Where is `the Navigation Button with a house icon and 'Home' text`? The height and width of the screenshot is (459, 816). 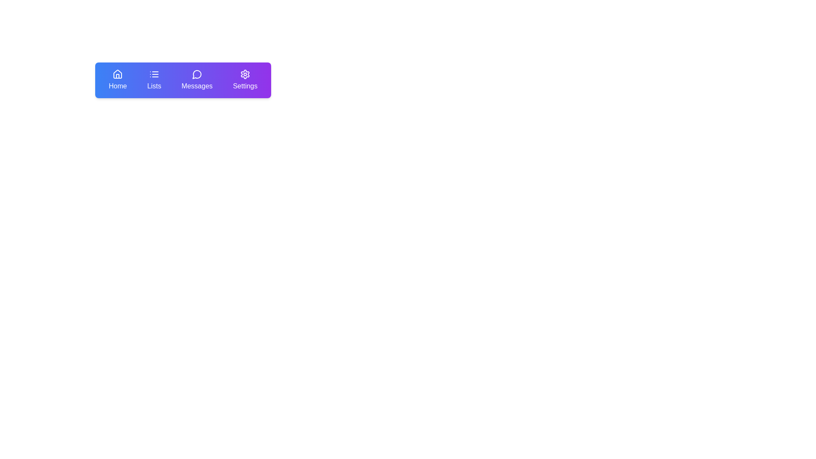
the Navigation Button with a house icon and 'Home' text is located at coordinates (117, 80).